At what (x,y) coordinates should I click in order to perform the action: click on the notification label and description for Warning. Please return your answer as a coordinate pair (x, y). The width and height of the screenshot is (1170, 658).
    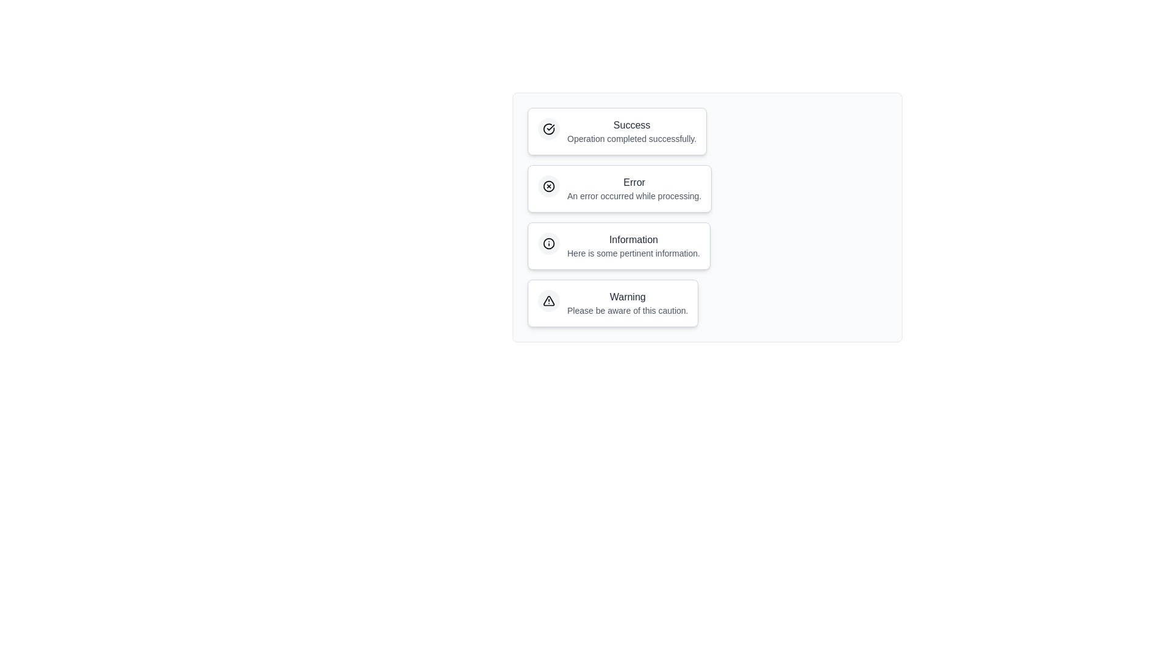
    Looking at the image, I should click on (613, 302).